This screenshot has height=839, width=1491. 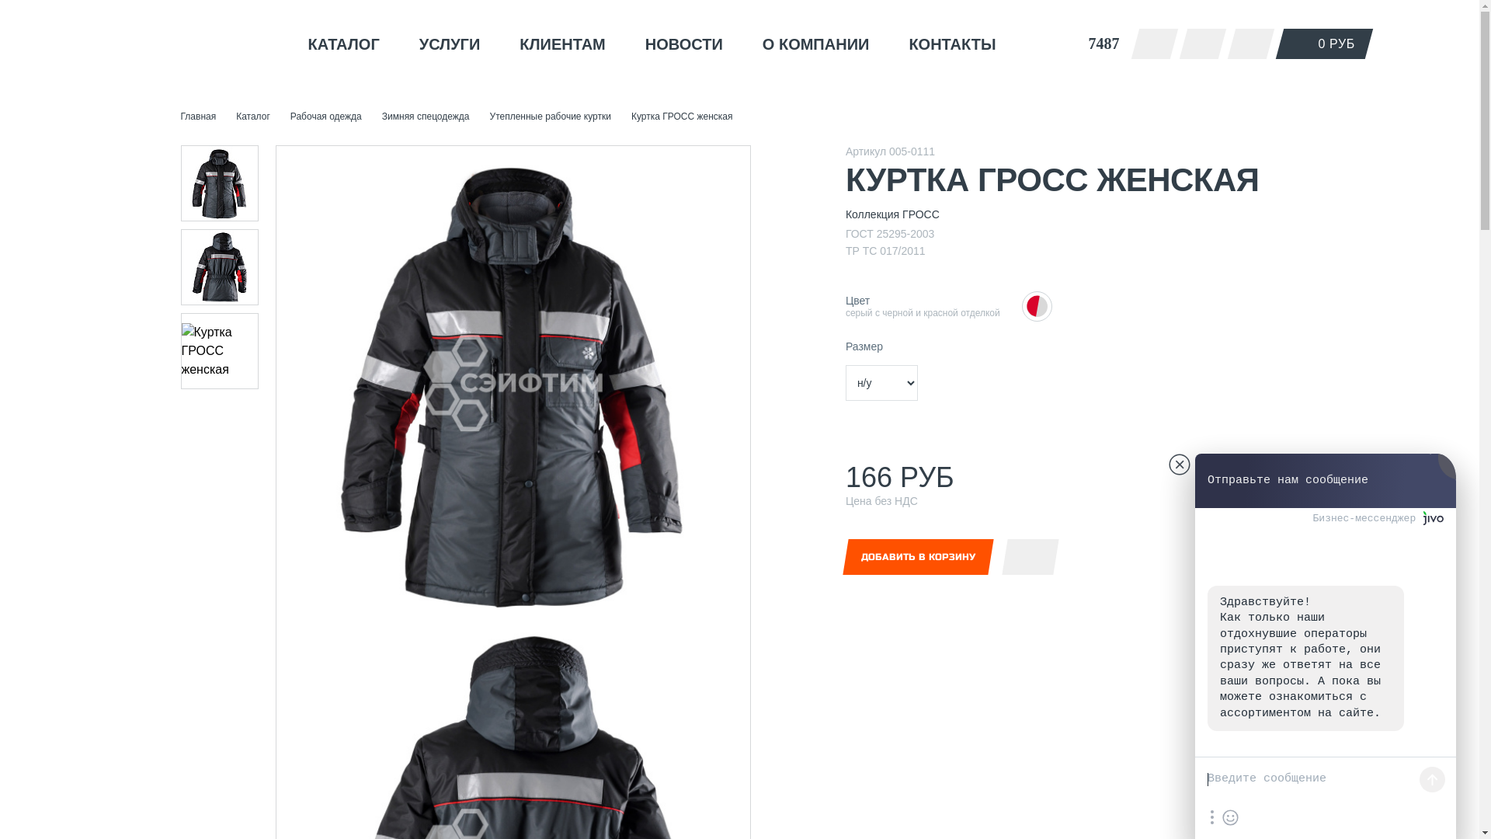 What do you see at coordinates (1095, 43) in the screenshot?
I see `'7487'` at bounding box center [1095, 43].